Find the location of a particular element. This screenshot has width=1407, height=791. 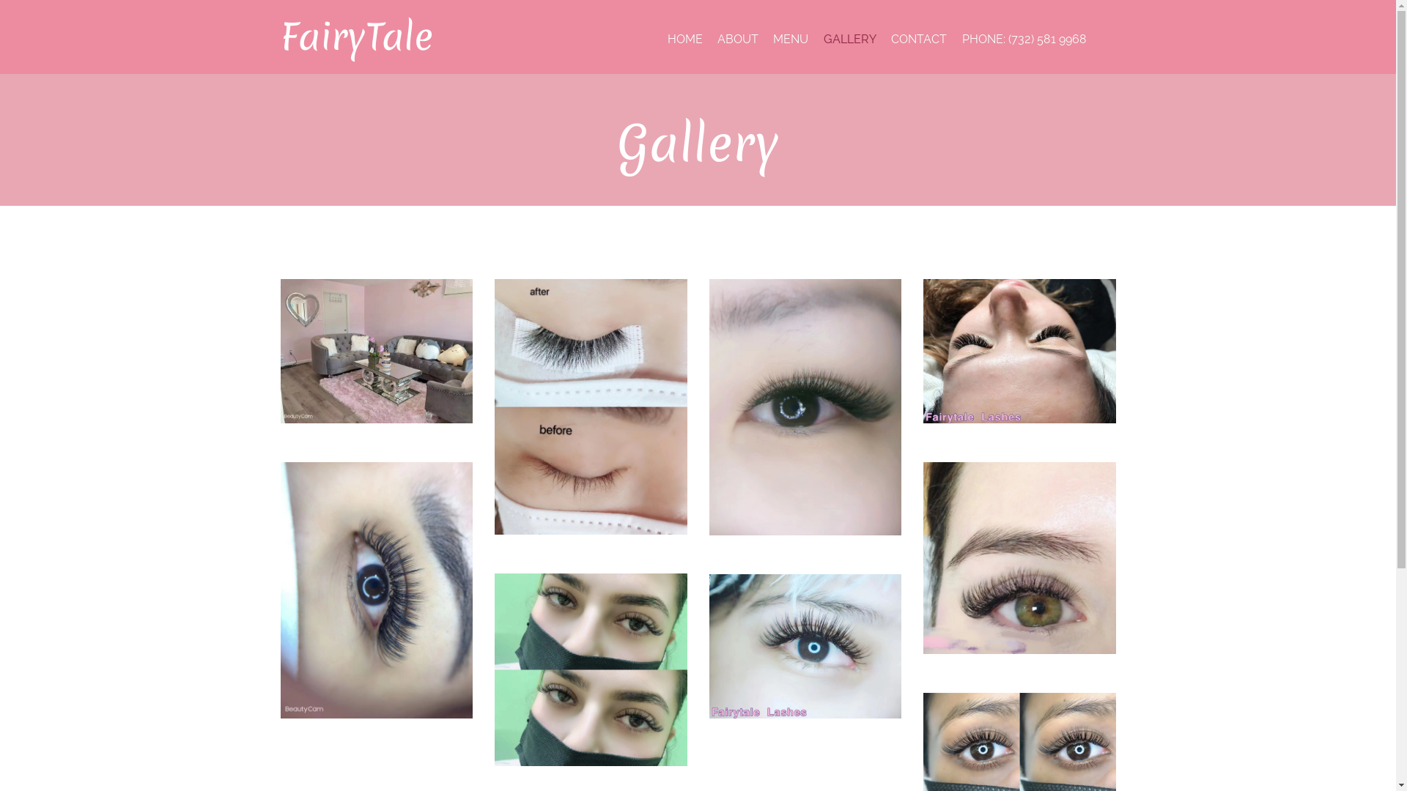

'CONTACT' is located at coordinates (917, 39).